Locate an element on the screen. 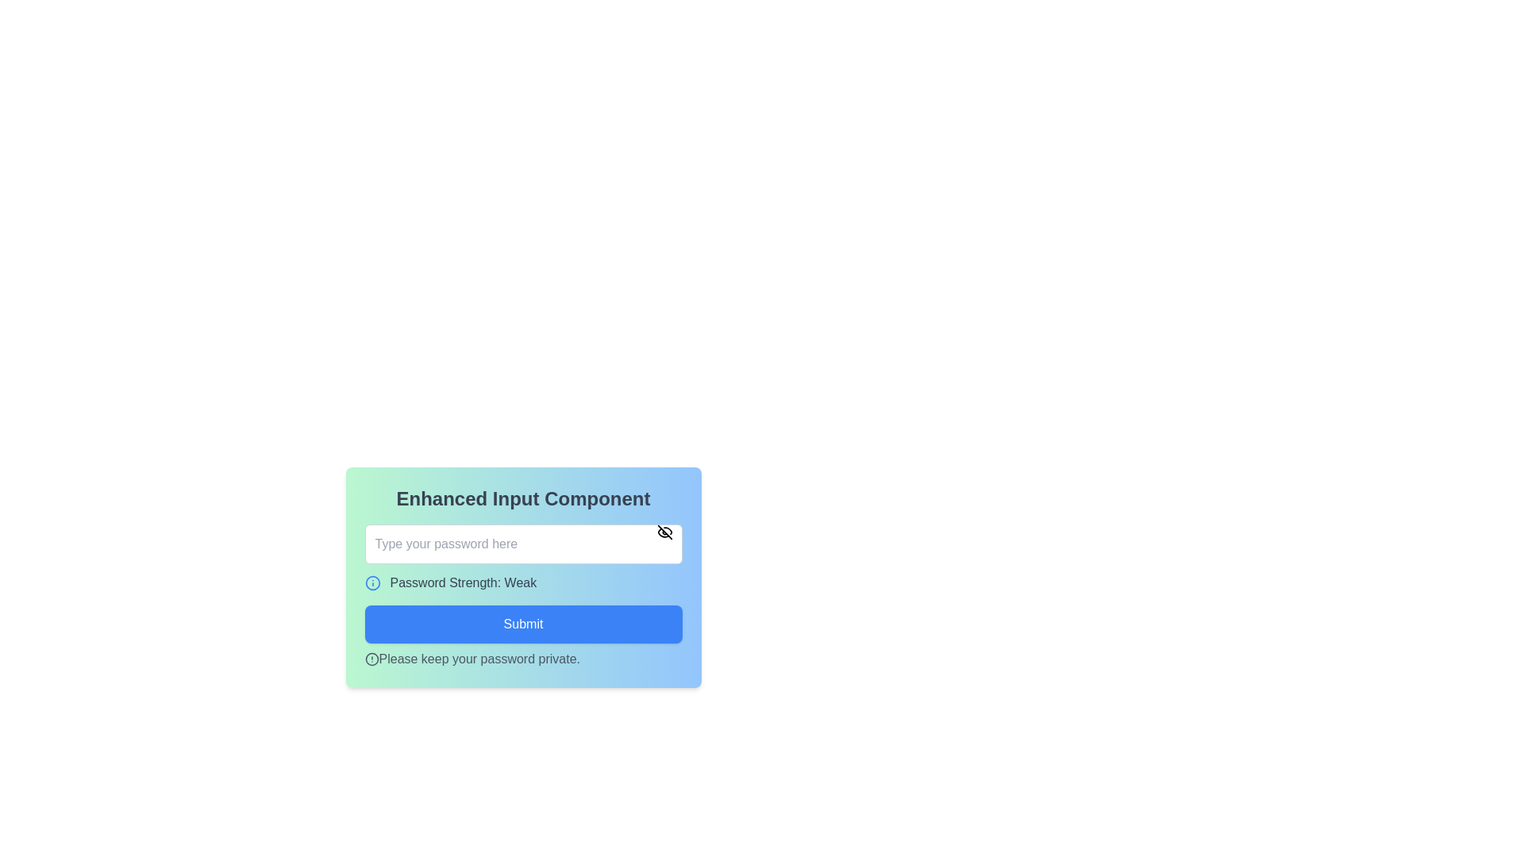 The image size is (1524, 857). the text label that indicates the strength of the entered password, which is located below the password input field and above the 'Submit' button in a vertically stacked layout is located at coordinates (523, 578).